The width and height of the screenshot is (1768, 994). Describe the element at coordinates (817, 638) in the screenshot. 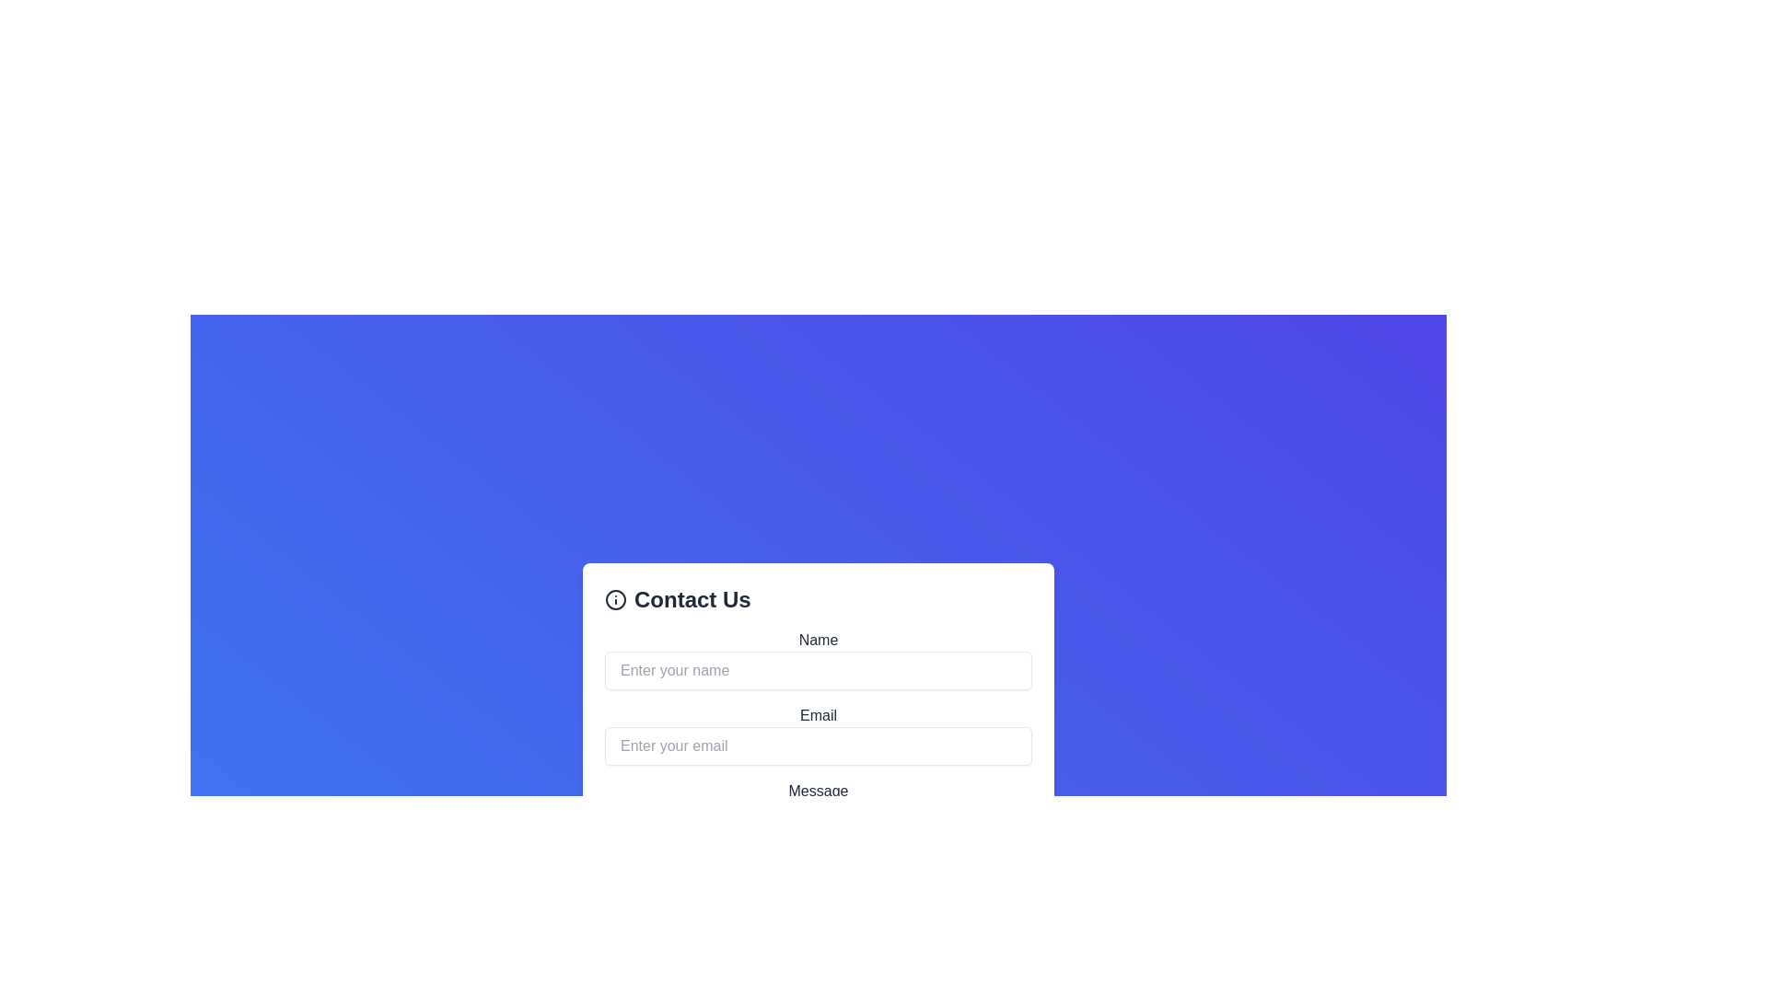

I see `text of the 'Name' label, which is styled with a sans-serif font and located above the input field in the modal` at that location.